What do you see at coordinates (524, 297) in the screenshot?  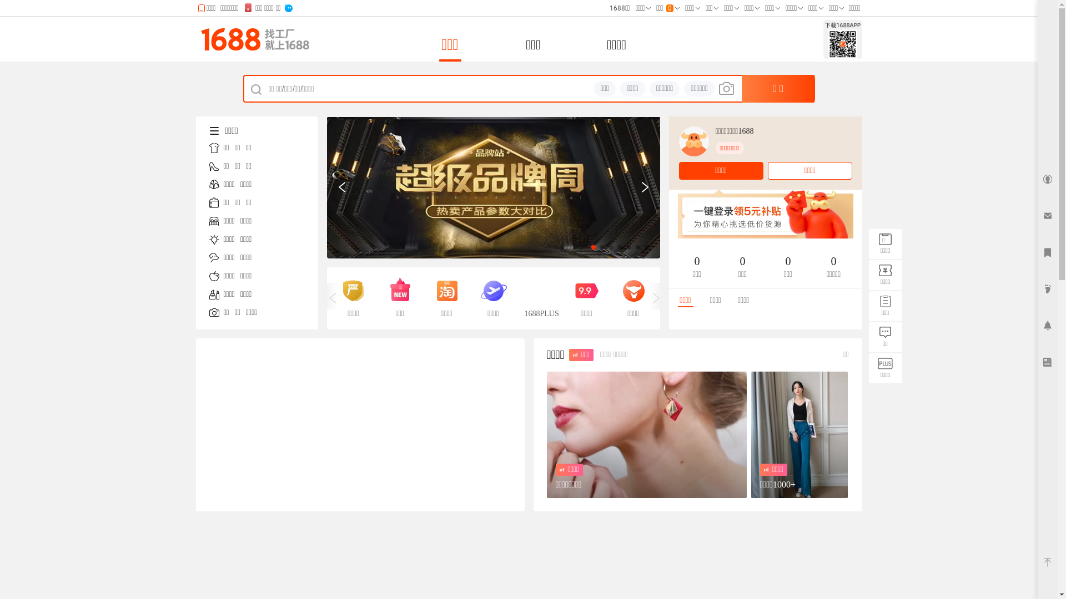 I see `'1688PLUS'` at bounding box center [524, 297].